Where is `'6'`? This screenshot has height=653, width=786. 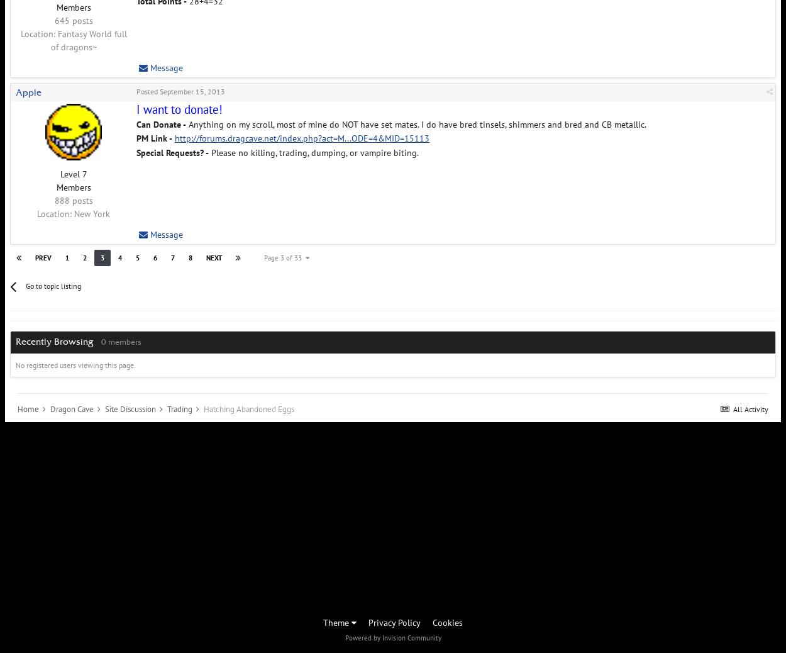 '6' is located at coordinates (155, 257).